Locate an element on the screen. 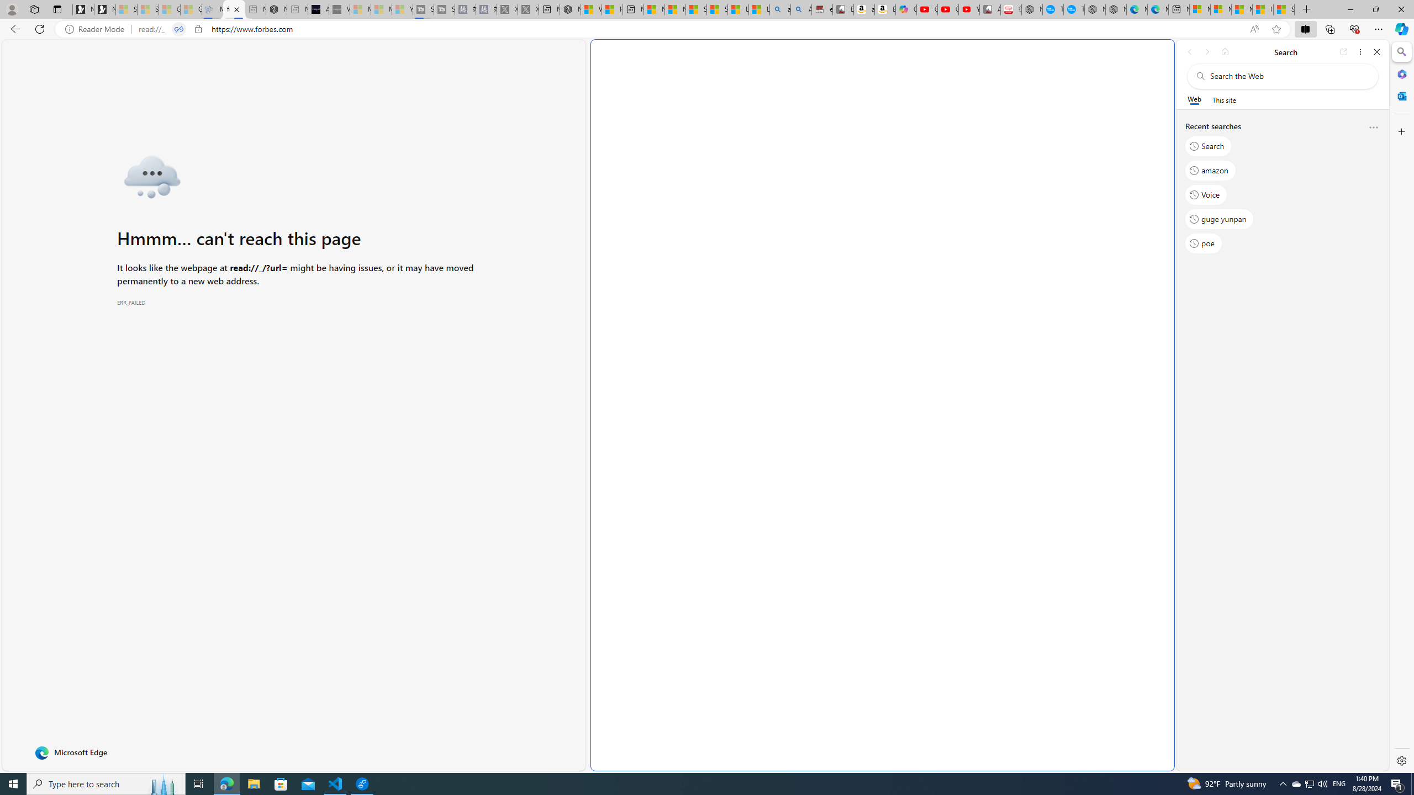  'Forward' is located at coordinates (1206, 51).